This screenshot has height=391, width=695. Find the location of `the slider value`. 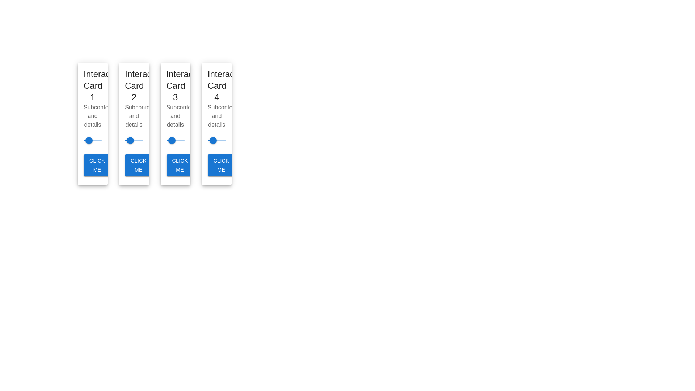

the slider value is located at coordinates (160, 140).